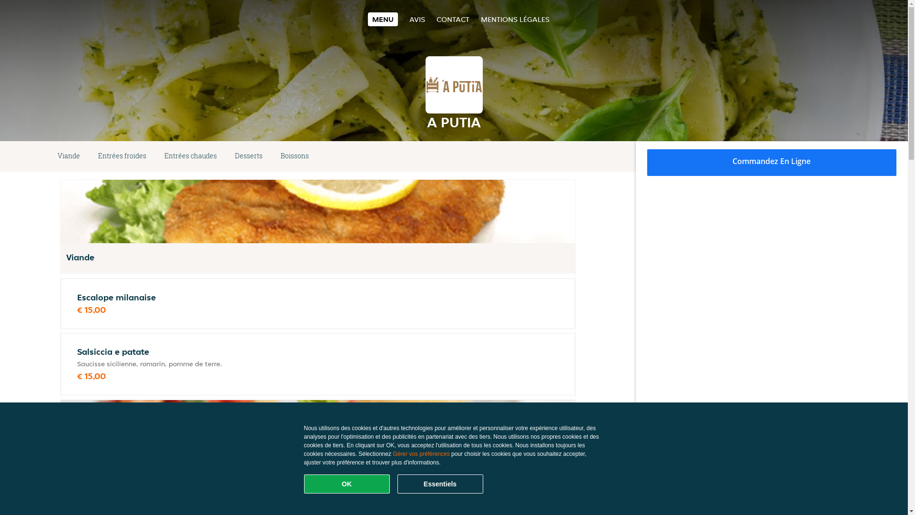 The height and width of the screenshot is (515, 915). I want to click on 'AVIS', so click(417, 19).